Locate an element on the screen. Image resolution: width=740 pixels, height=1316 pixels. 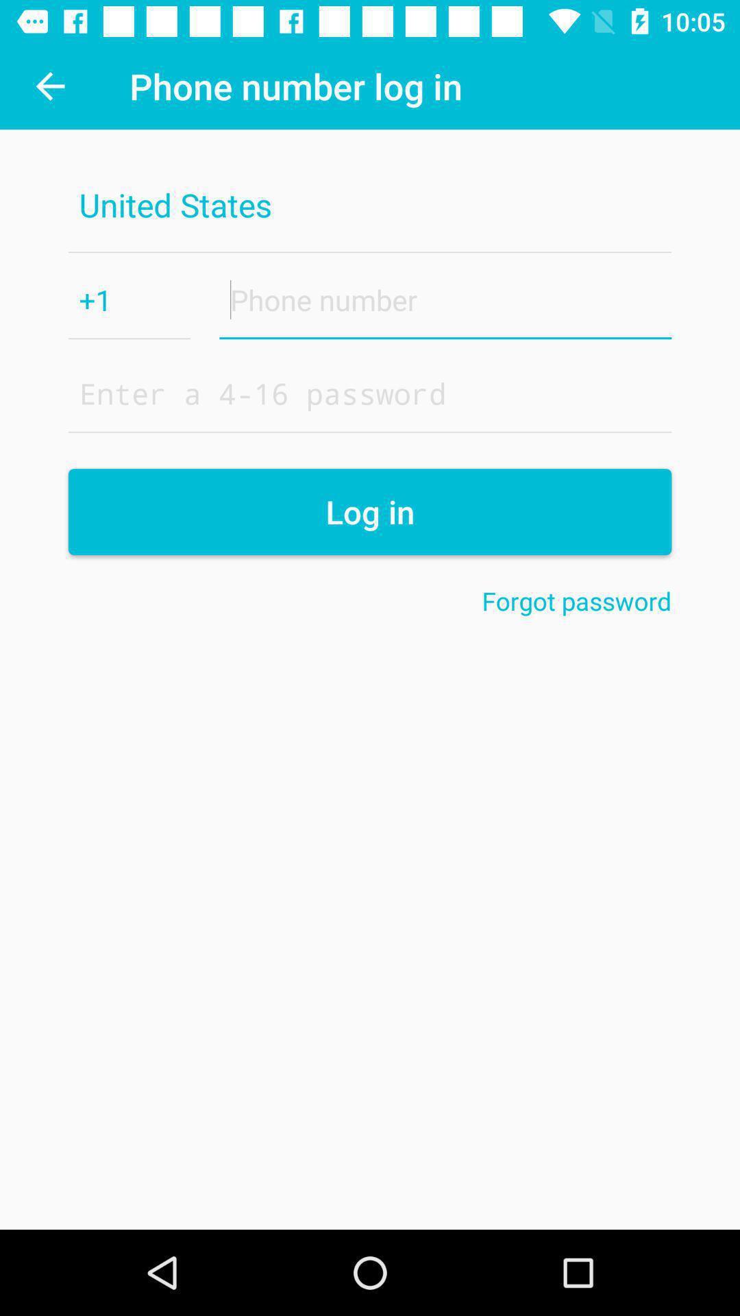
+1 item is located at coordinates (129, 299).